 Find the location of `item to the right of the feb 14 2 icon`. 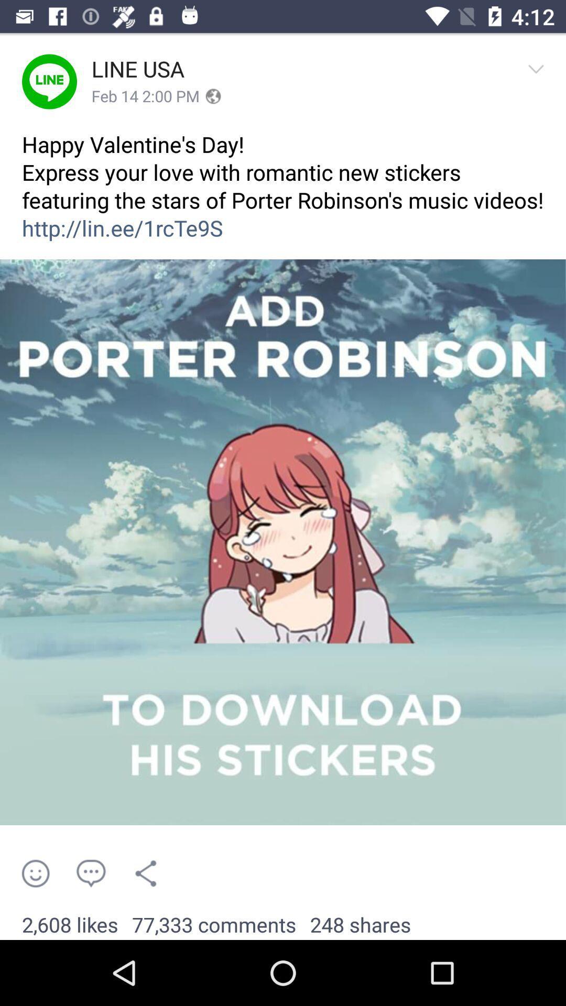

item to the right of the feb 14 2 icon is located at coordinates (212, 96).